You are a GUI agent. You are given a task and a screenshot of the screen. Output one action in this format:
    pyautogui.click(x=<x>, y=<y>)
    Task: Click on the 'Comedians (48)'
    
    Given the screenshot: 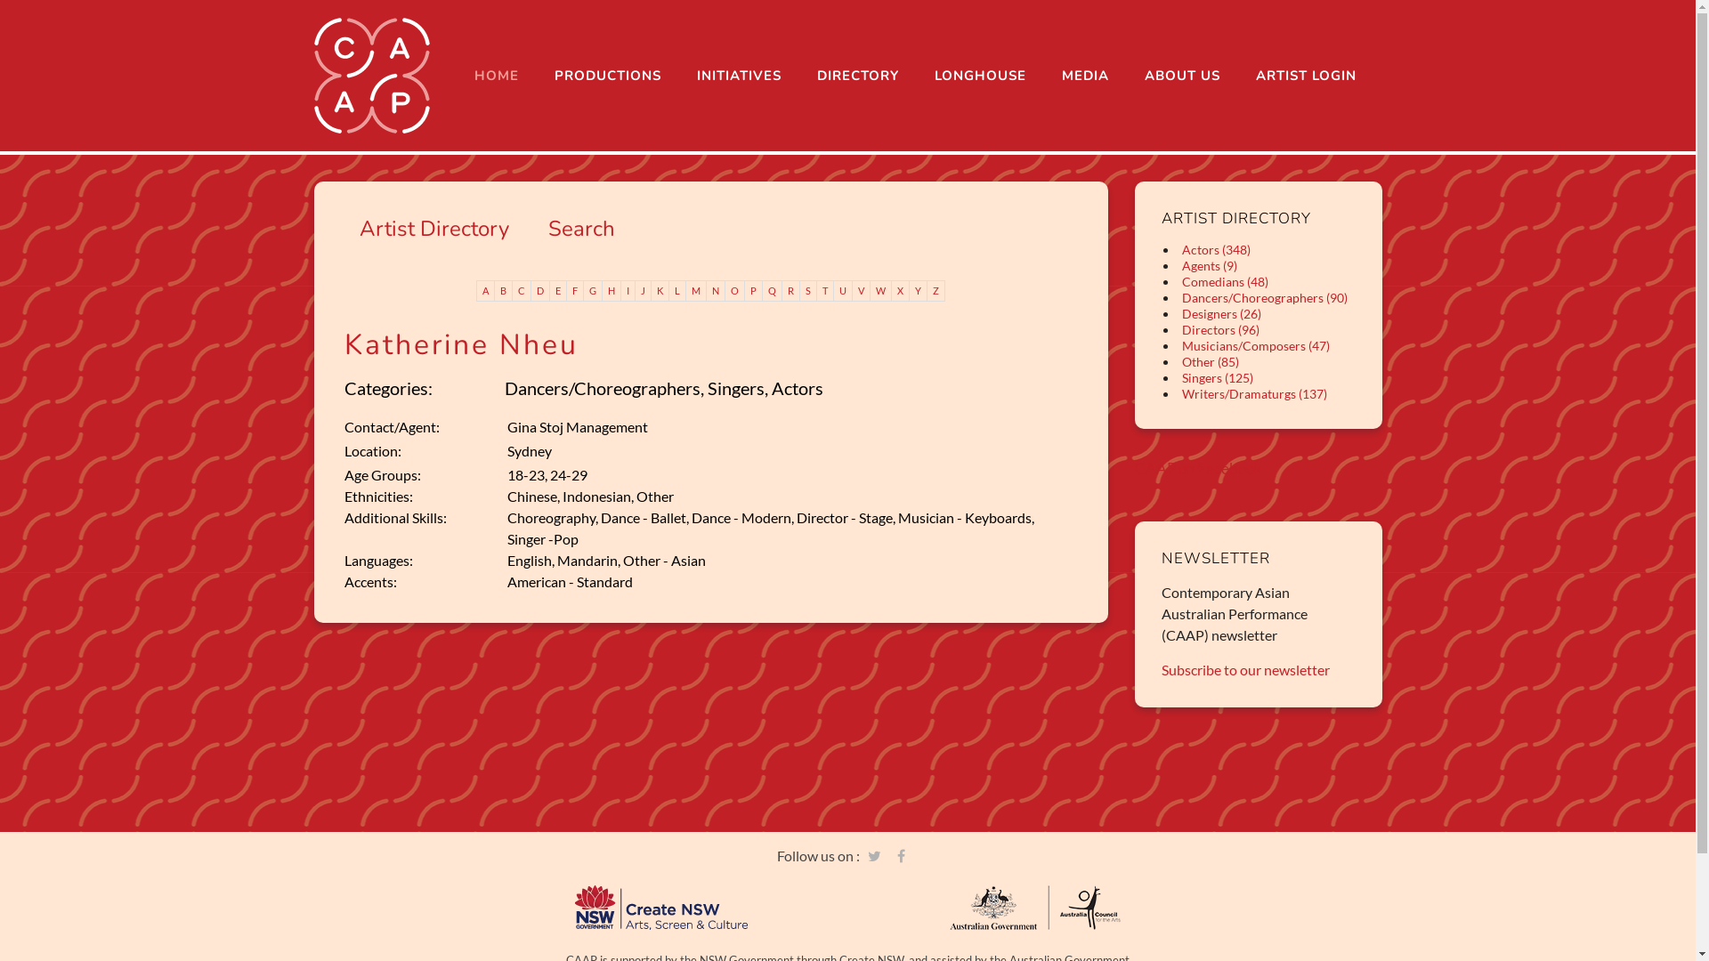 What is the action you would take?
    pyautogui.click(x=1224, y=280)
    